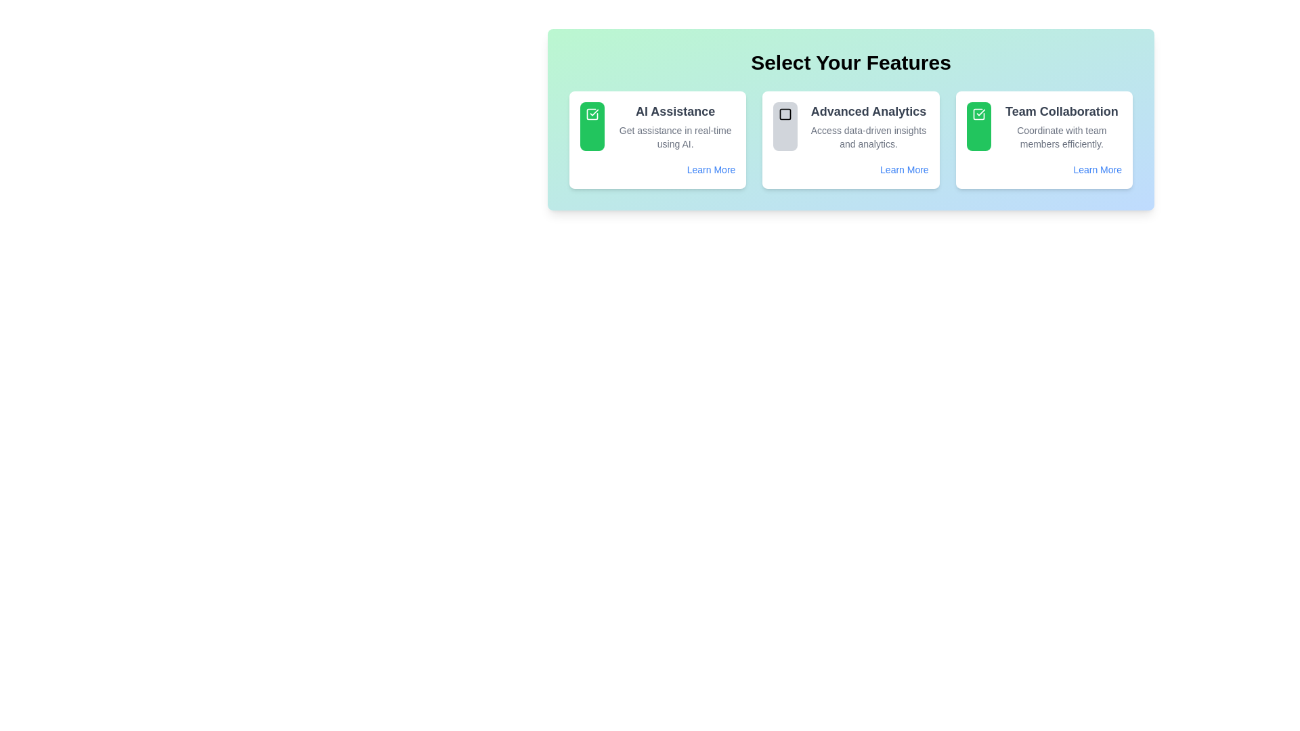 The height and width of the screenshot is (731, 1300). I want to click on static text snippet that says 'Coordinate with team members efficiently.' located under the title 'Team Collaboration' in the card-like section of the web interface, so click(1061, 137).